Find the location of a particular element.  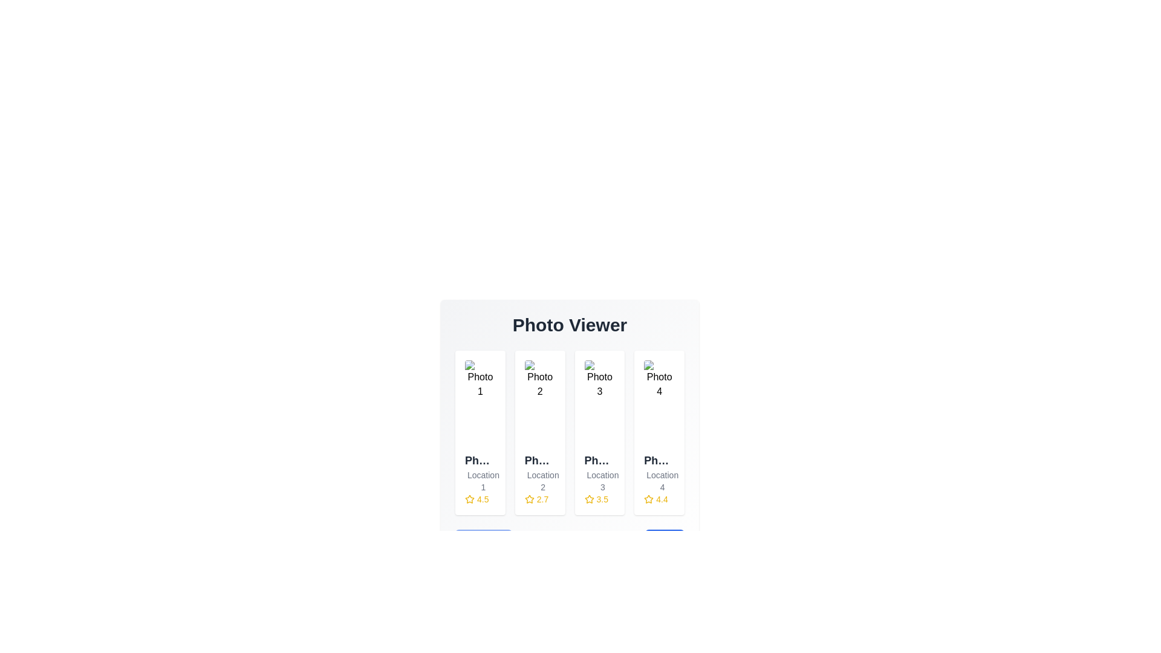

visual content of the Label with an icon that displays the rating of the first photo, located below 'Location 1' and 'Photo 1' in the first column of a multi-column layout is located at coordinates (480, 499).